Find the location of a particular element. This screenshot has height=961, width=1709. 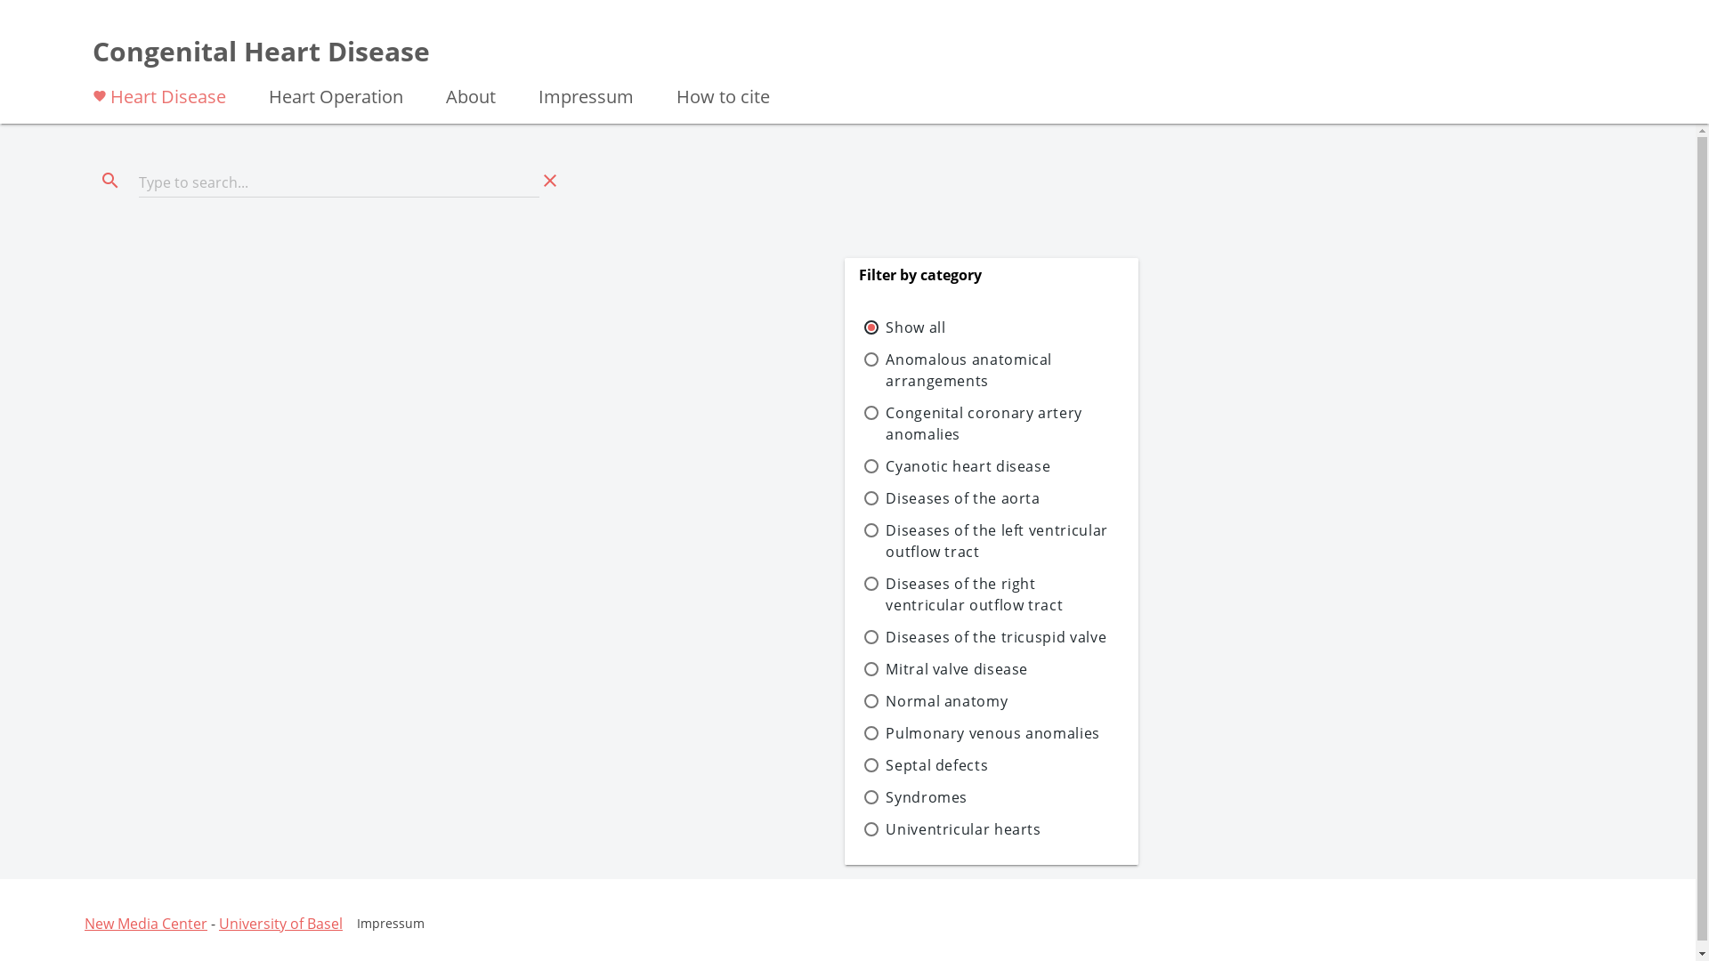

'Impressum' is located at coordinates (389, 922).